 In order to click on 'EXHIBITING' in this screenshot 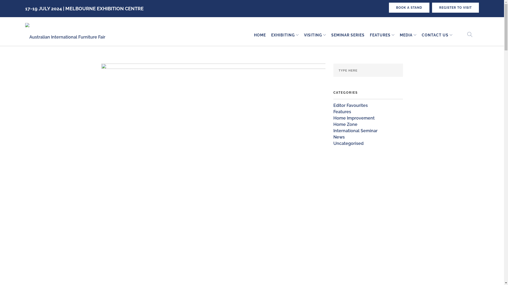, I will do `click(283, 35)`.